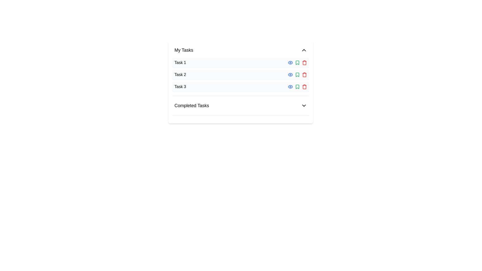  What do you see at coordinates (297, 62) in the screenshot?
I see `the green bookmark icon, located between the eye icon and the trash can icon in the 'Task 1' row, to observe its styling change` at bounding box center [297, 62].